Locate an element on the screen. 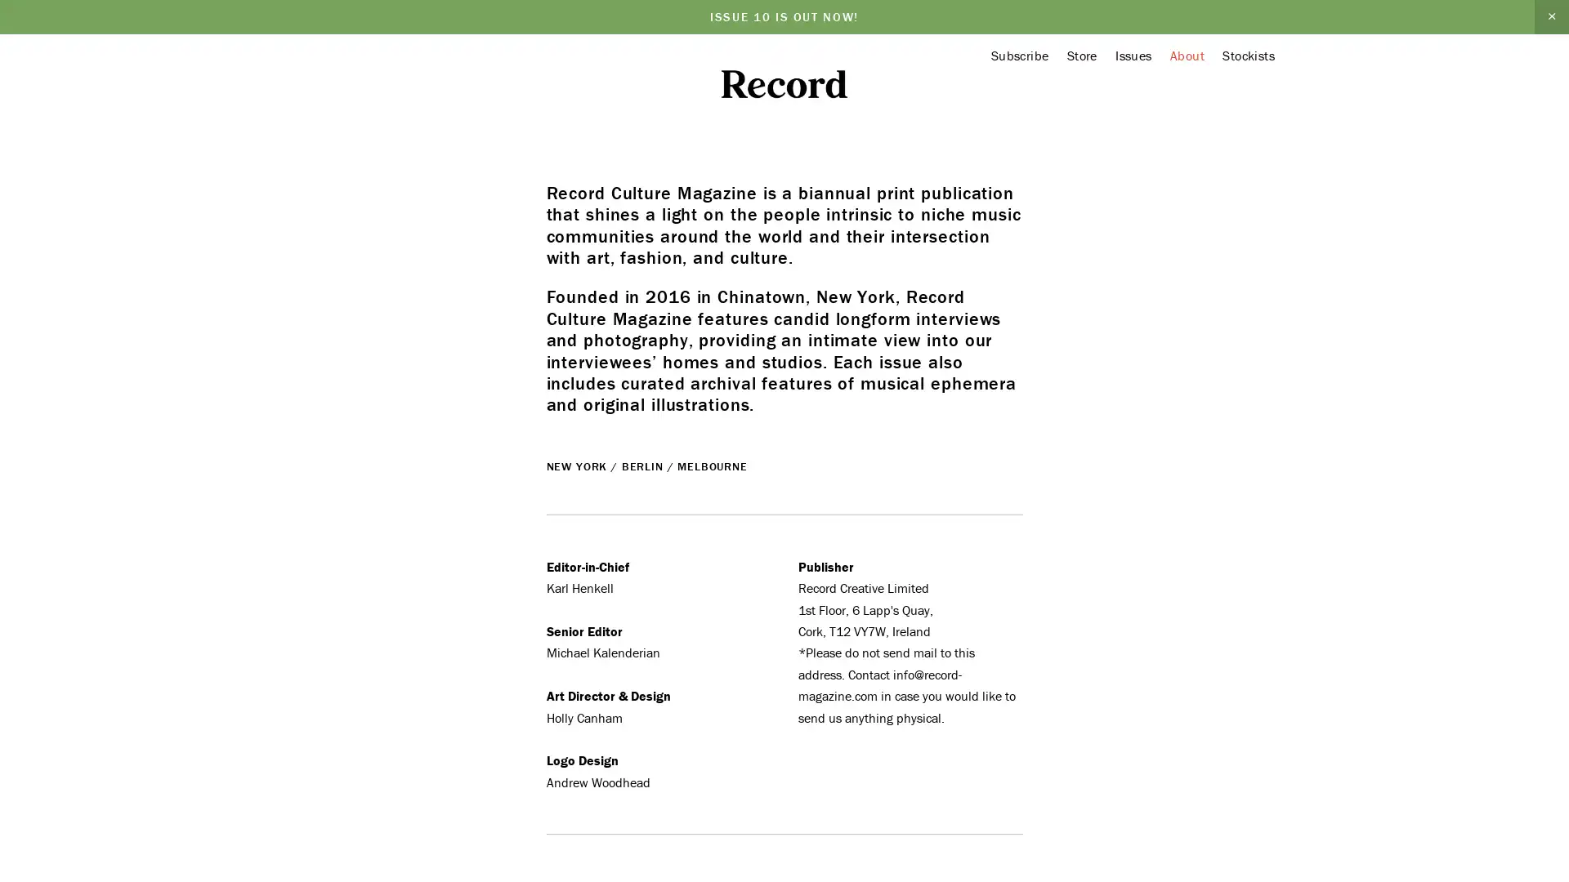 The width and height of the screenshot is (1569, 882). Close is located at coordinates (1549, 733).